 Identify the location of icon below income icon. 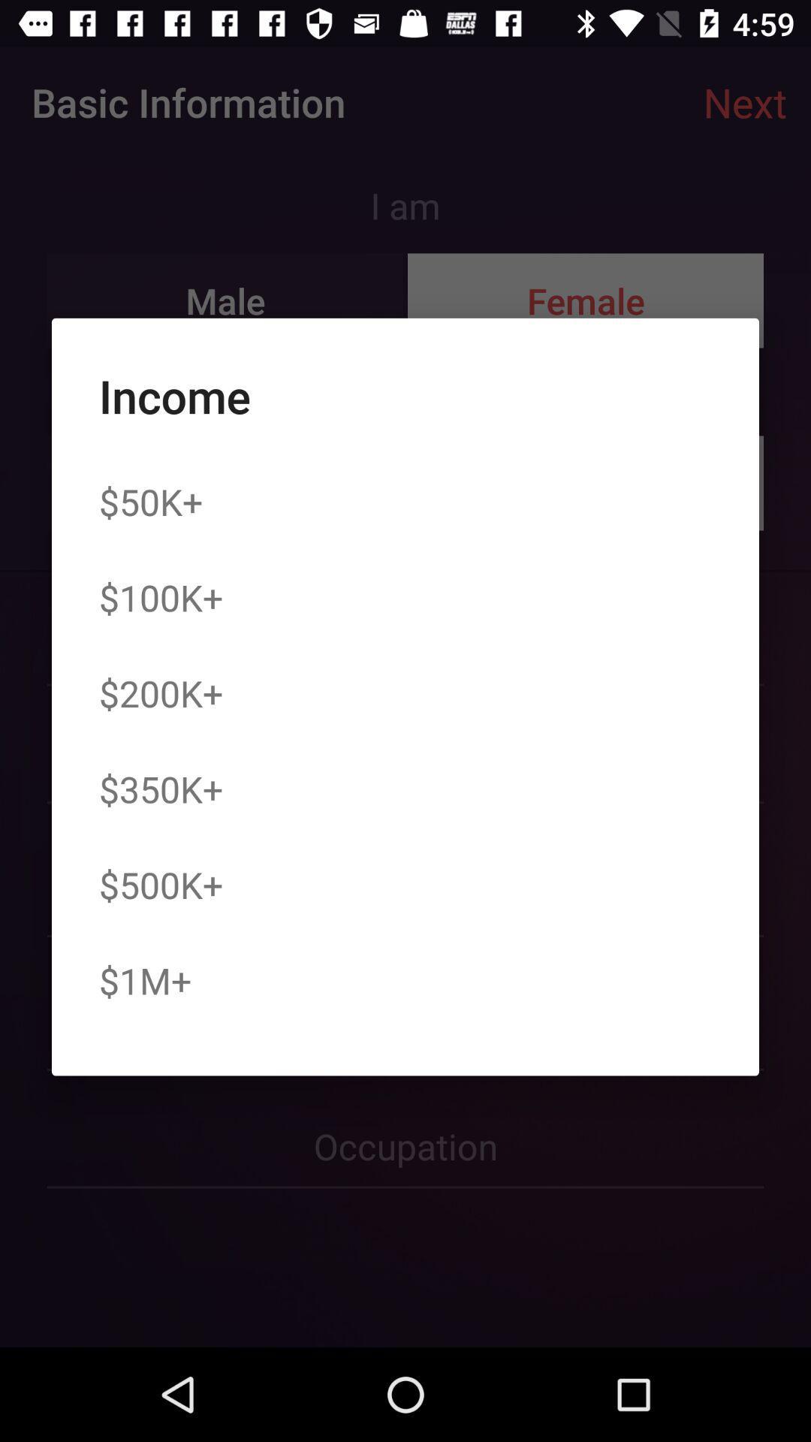
(150, 502).